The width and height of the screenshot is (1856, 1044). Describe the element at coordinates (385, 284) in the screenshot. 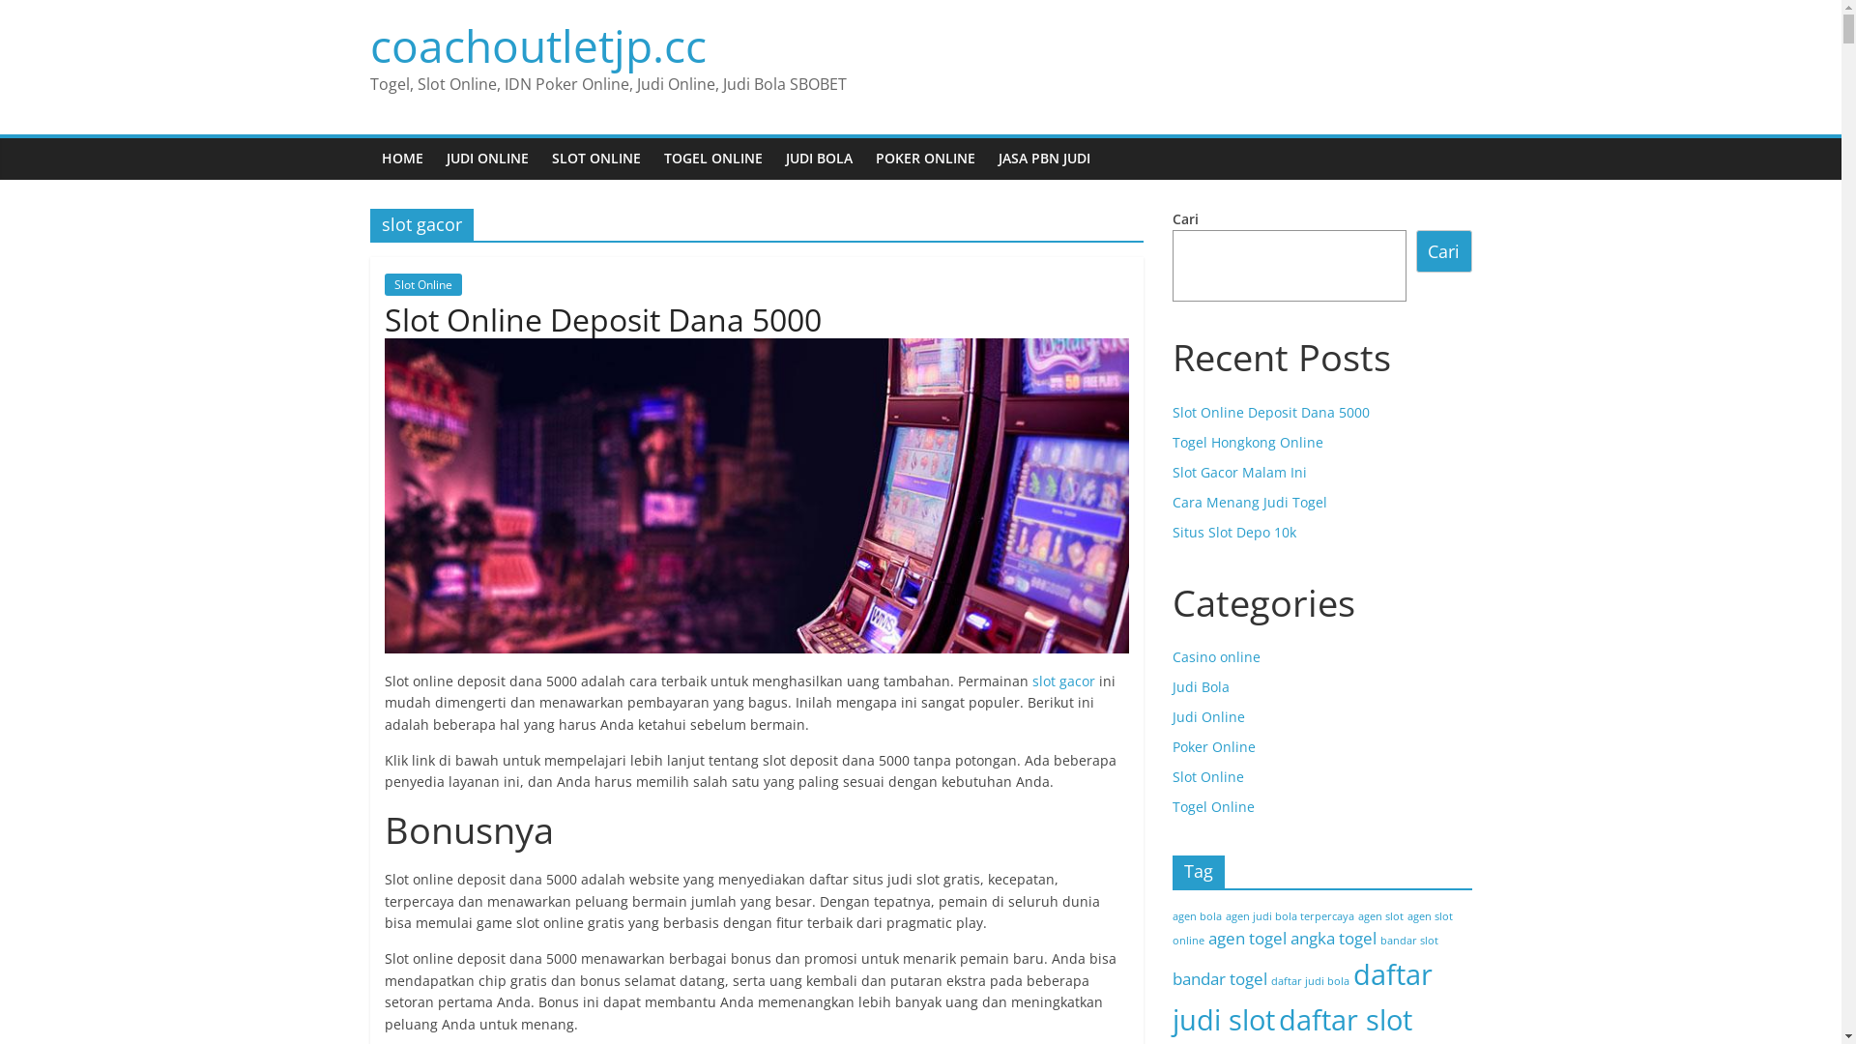

I see `'Slot Online'` at that location.